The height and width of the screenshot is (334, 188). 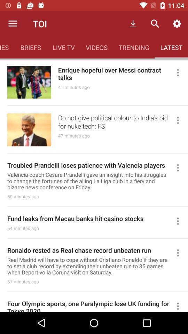 I want to click on options for article, so click(x=181, y=221).